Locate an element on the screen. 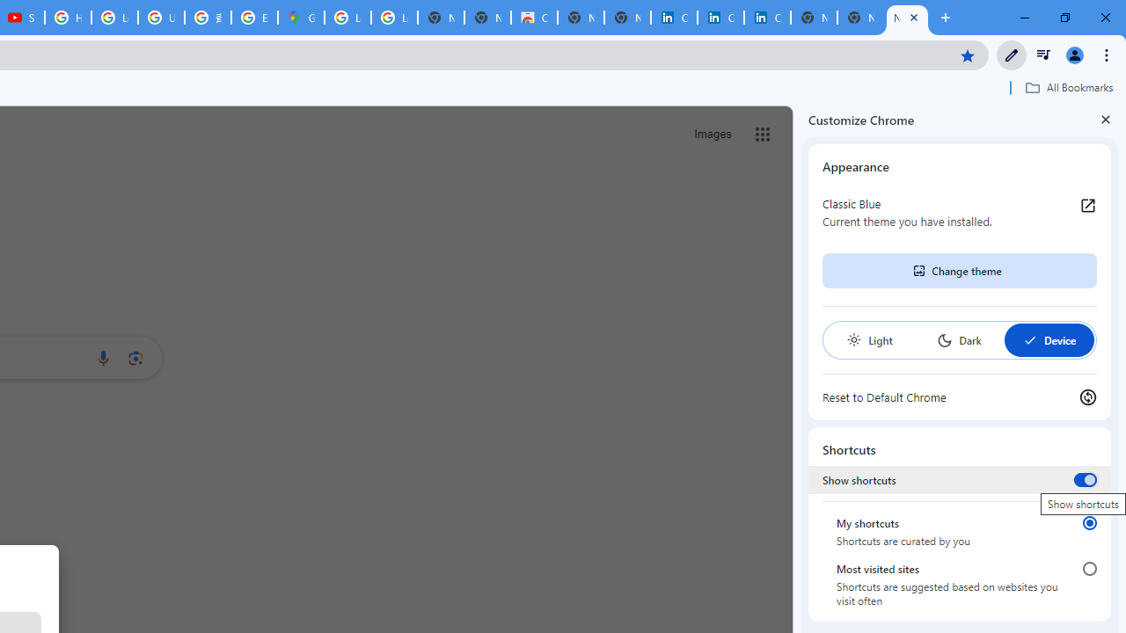 This screenshot has height=633, width=1126. 'AutomationID: baseSvg' is located at coordinates (1029, 340).